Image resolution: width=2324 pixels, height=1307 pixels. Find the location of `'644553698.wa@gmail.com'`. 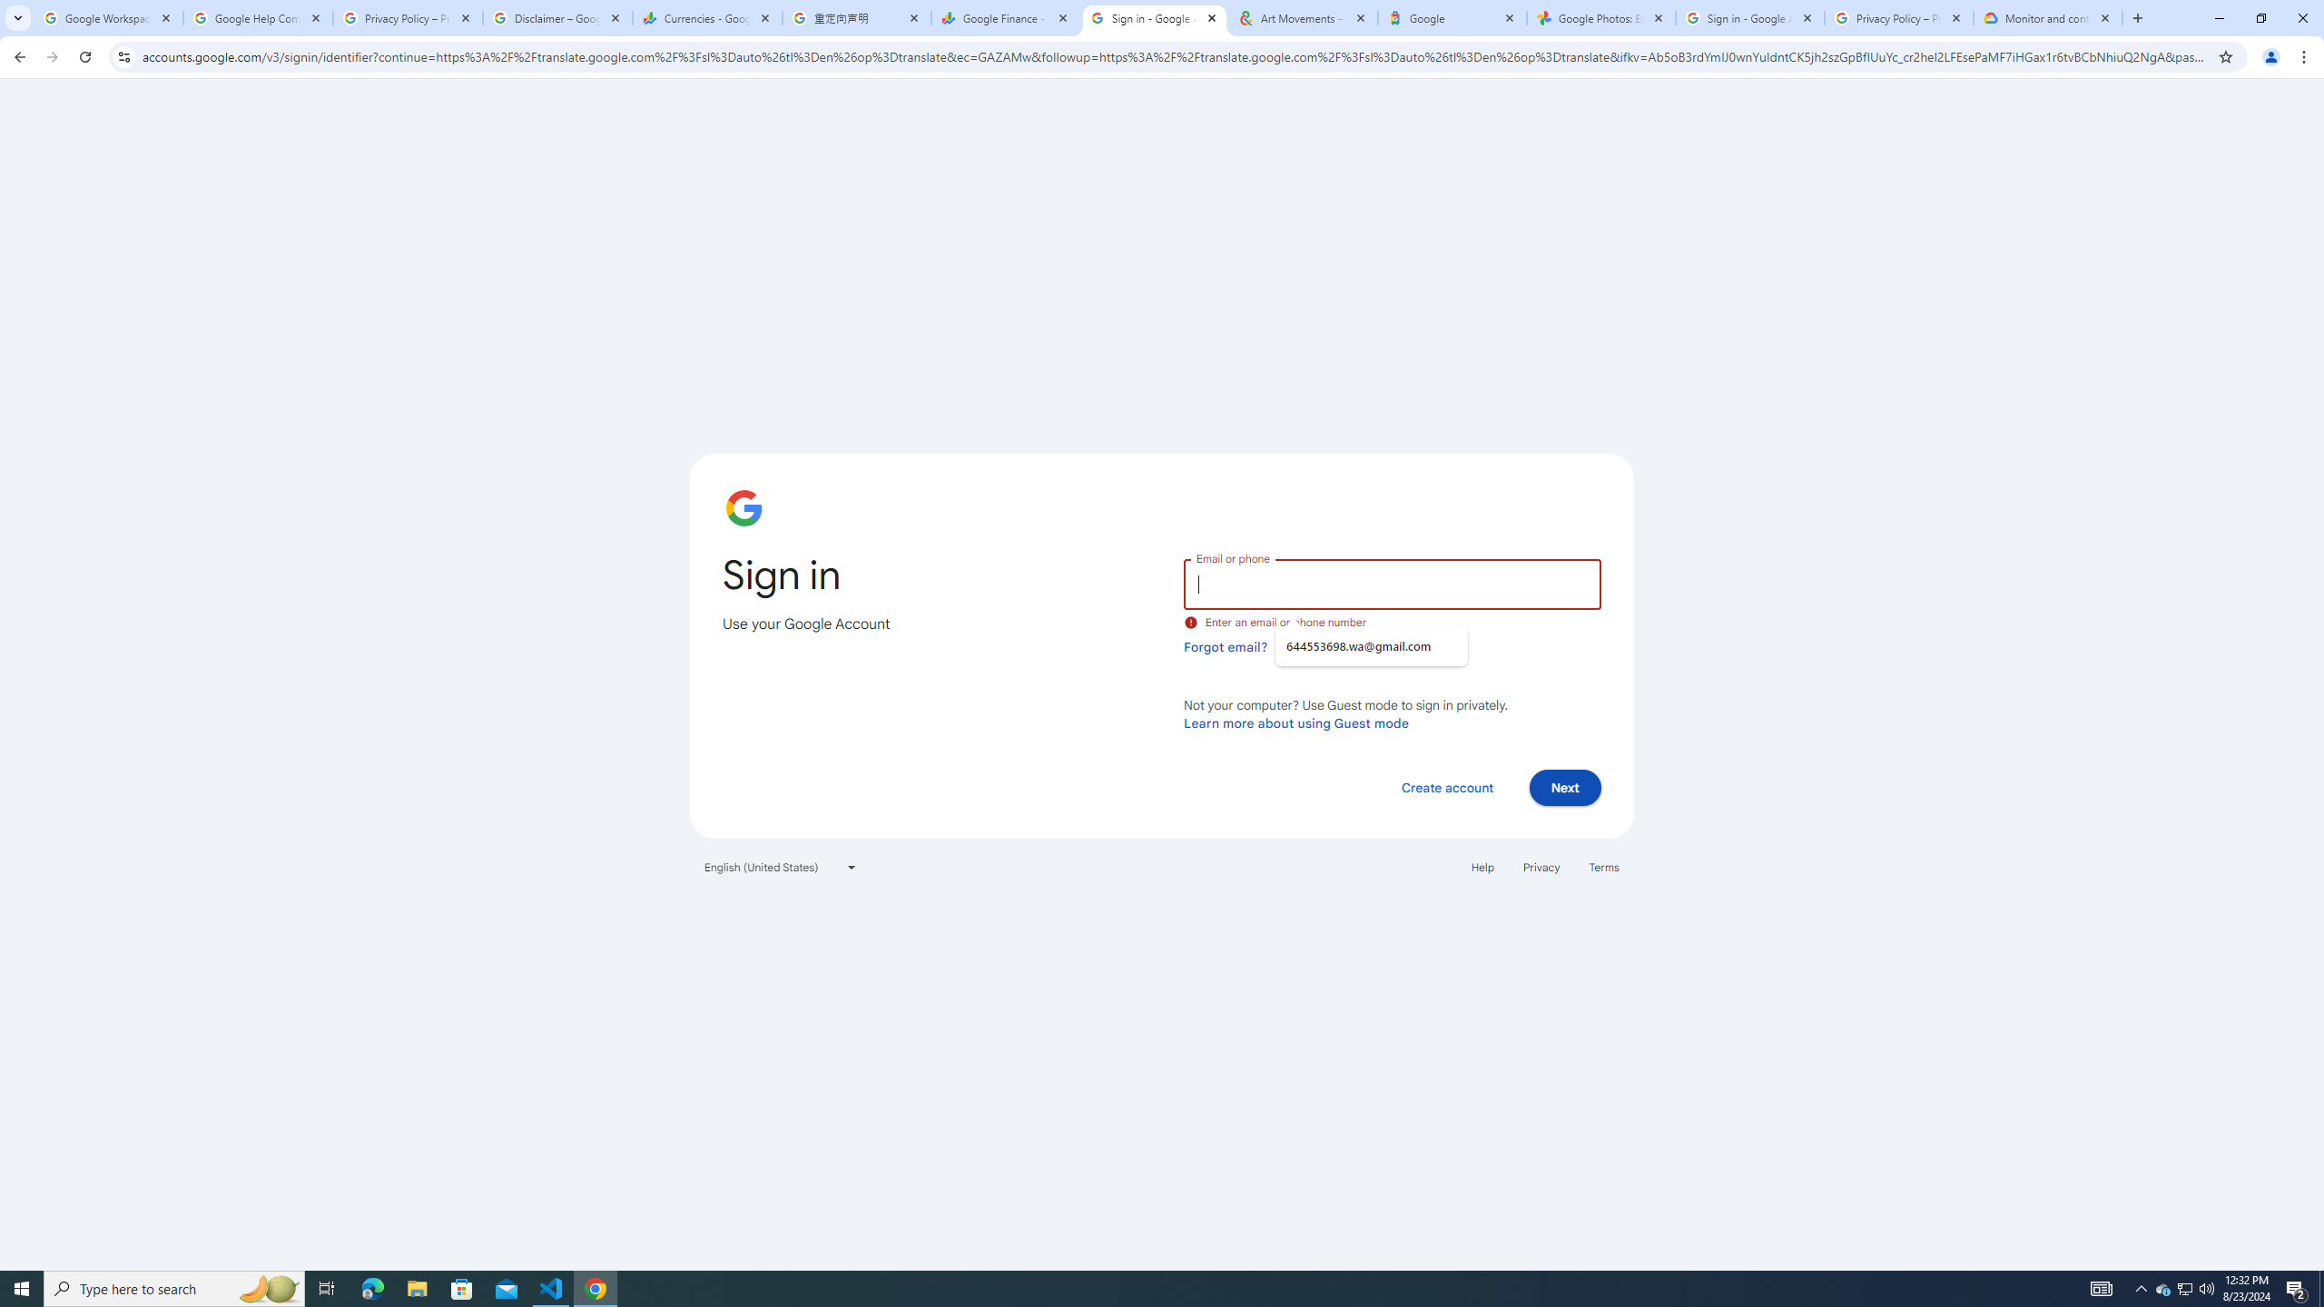

'644553698.wa@gmail.com' is located at coordinates (1370, 646).